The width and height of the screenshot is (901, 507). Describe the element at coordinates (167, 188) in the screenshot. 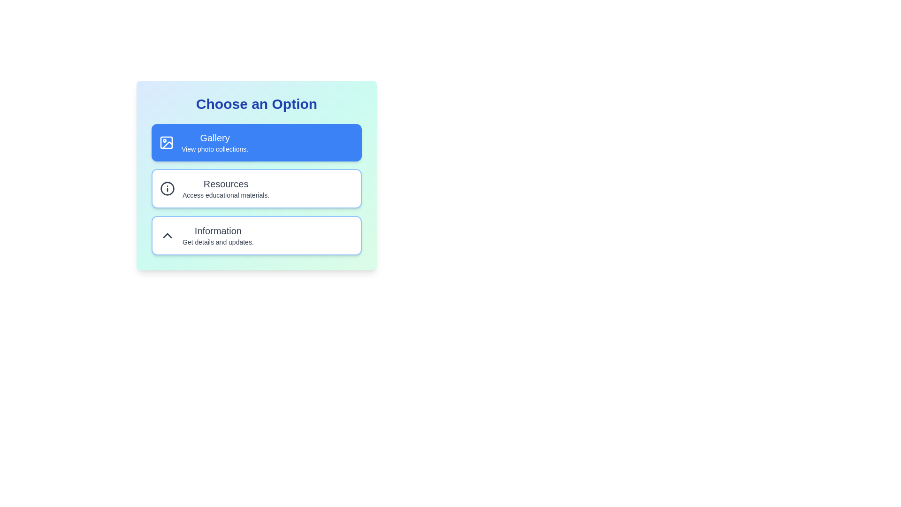

I see `circular outline graphic icon indicating information or help located at the bottom left section of the interface card` at that location.